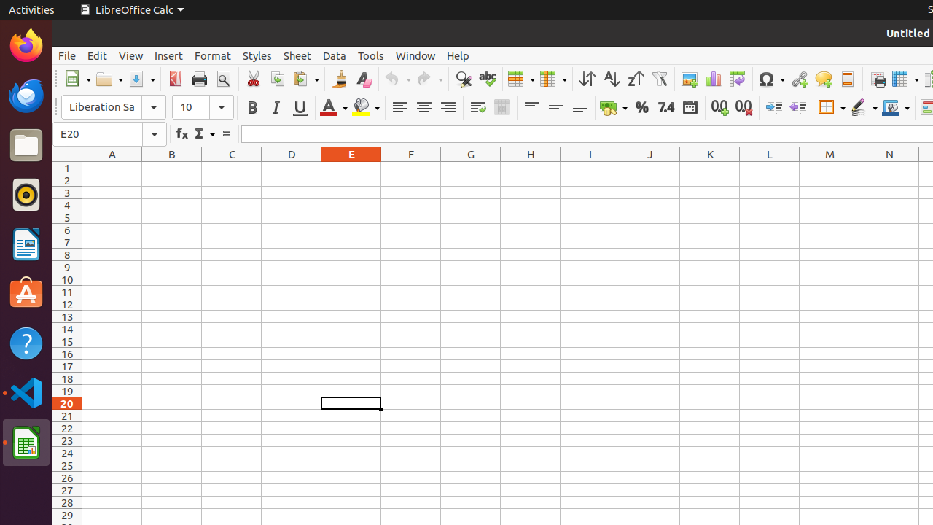 The height and width of the screenshot is (525, 933). I want to click on 'Row', so click(521, 79).